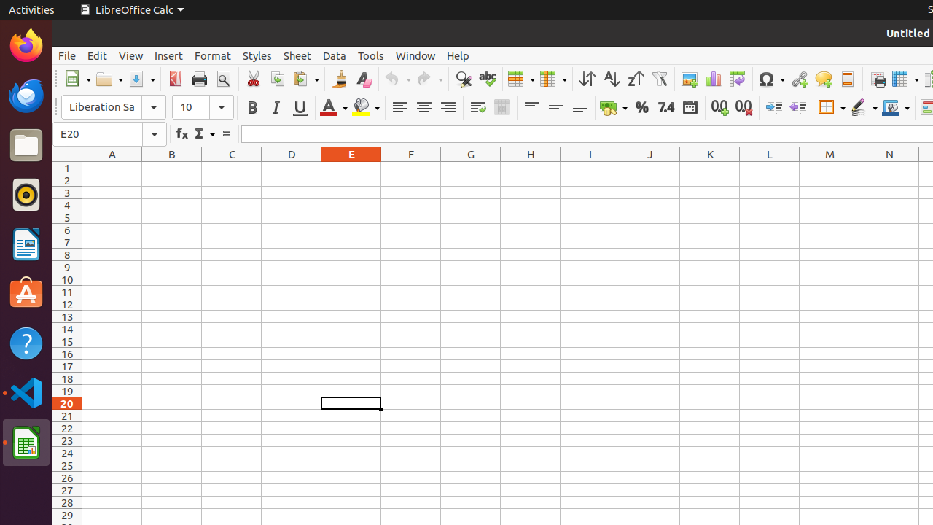 The height and width of the screenshot is (525, 933). I want to click on 'Row', so click(521, 79).